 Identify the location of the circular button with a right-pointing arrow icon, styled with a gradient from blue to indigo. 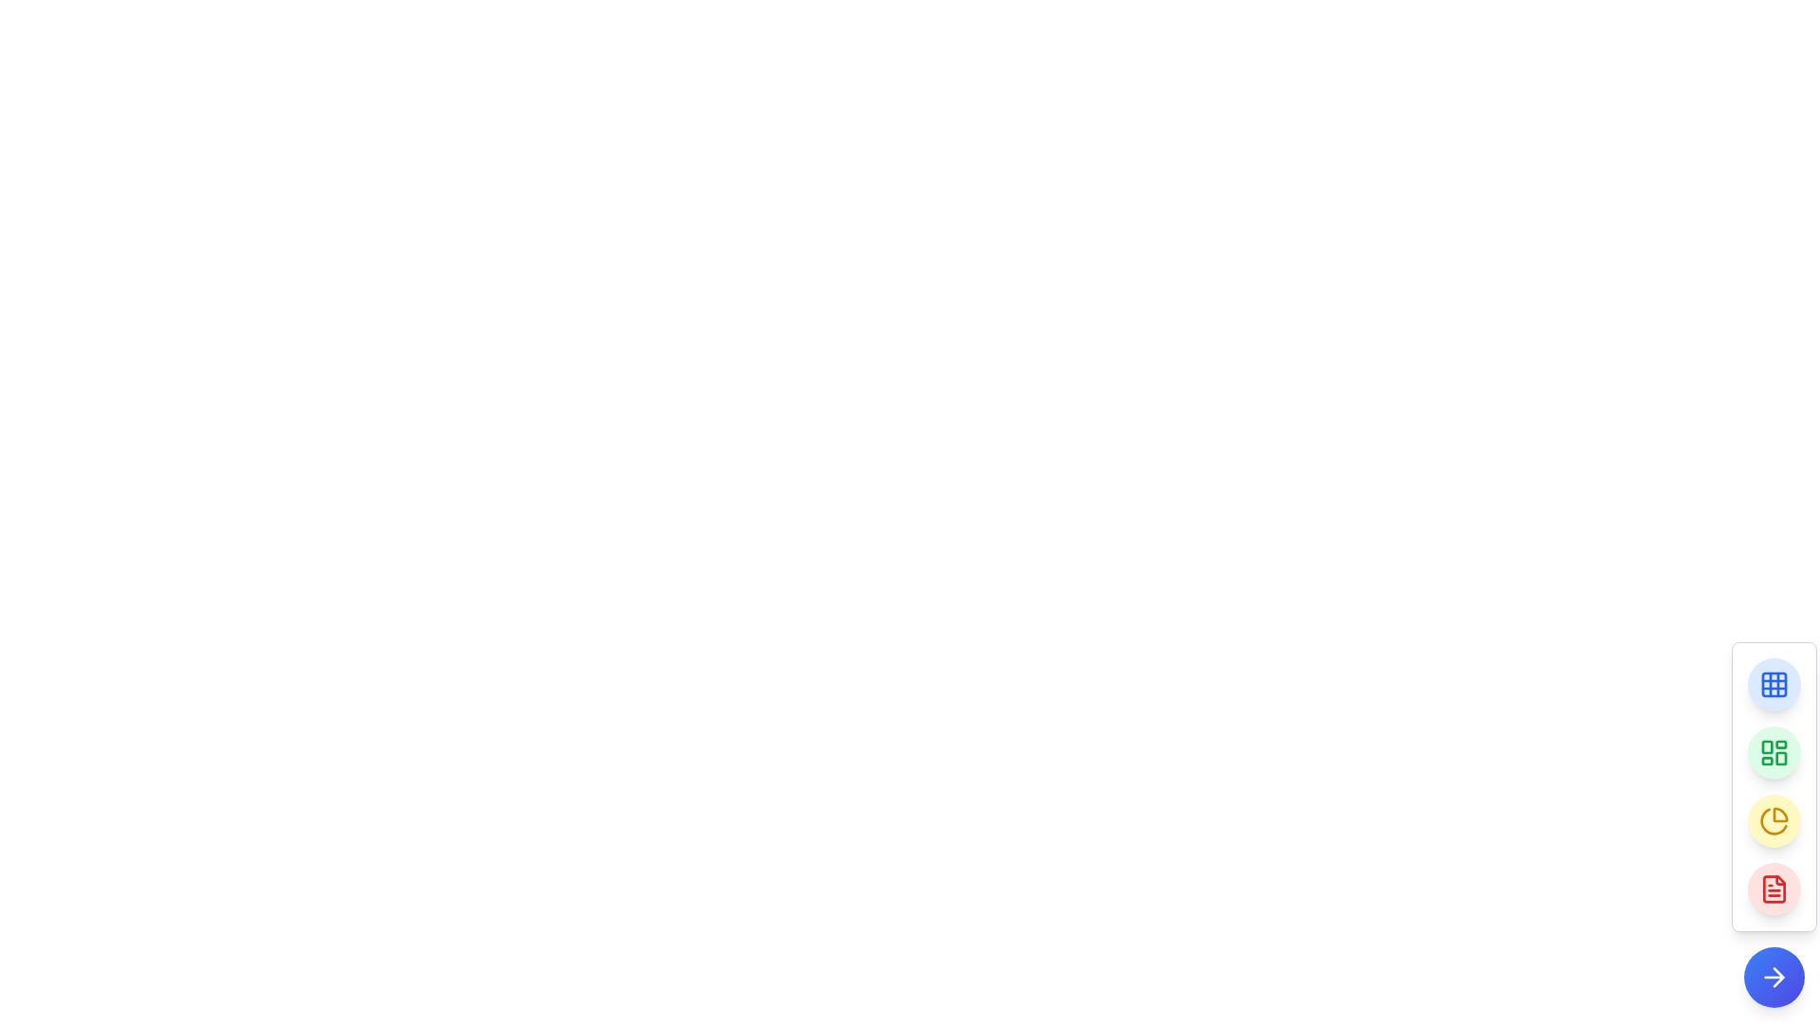
(1774, 978).